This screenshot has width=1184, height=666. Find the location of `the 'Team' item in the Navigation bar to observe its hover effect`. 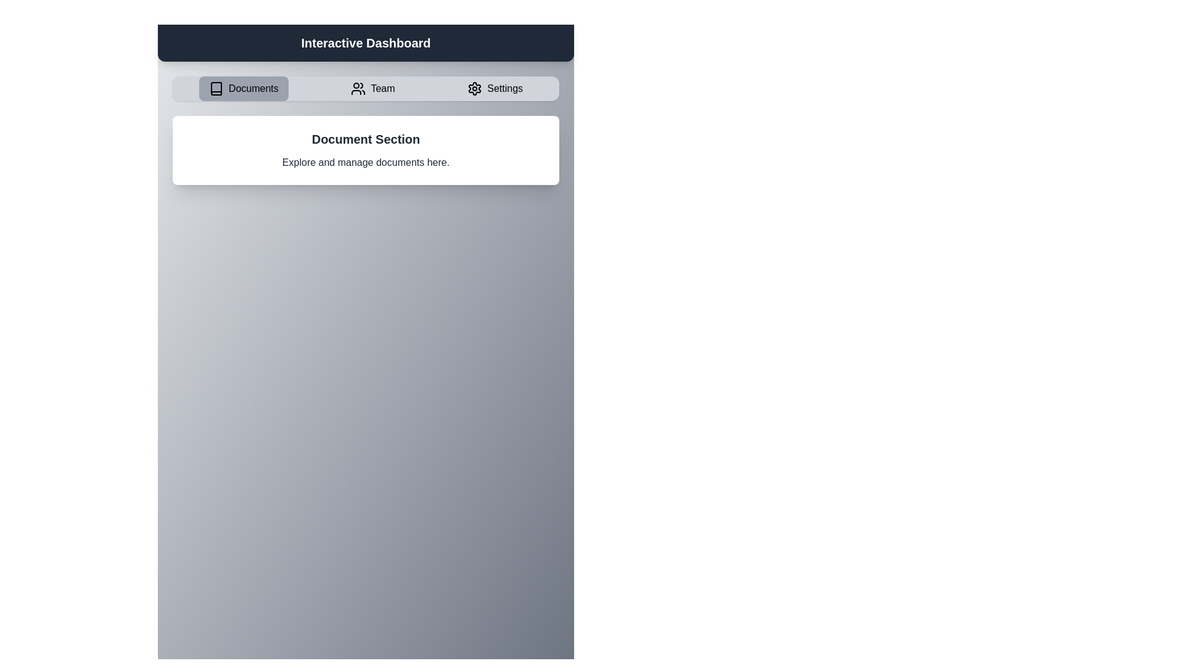

the 'Team' item in the Navigation bar to observe its hover effect is located at coordinates (365, 88).